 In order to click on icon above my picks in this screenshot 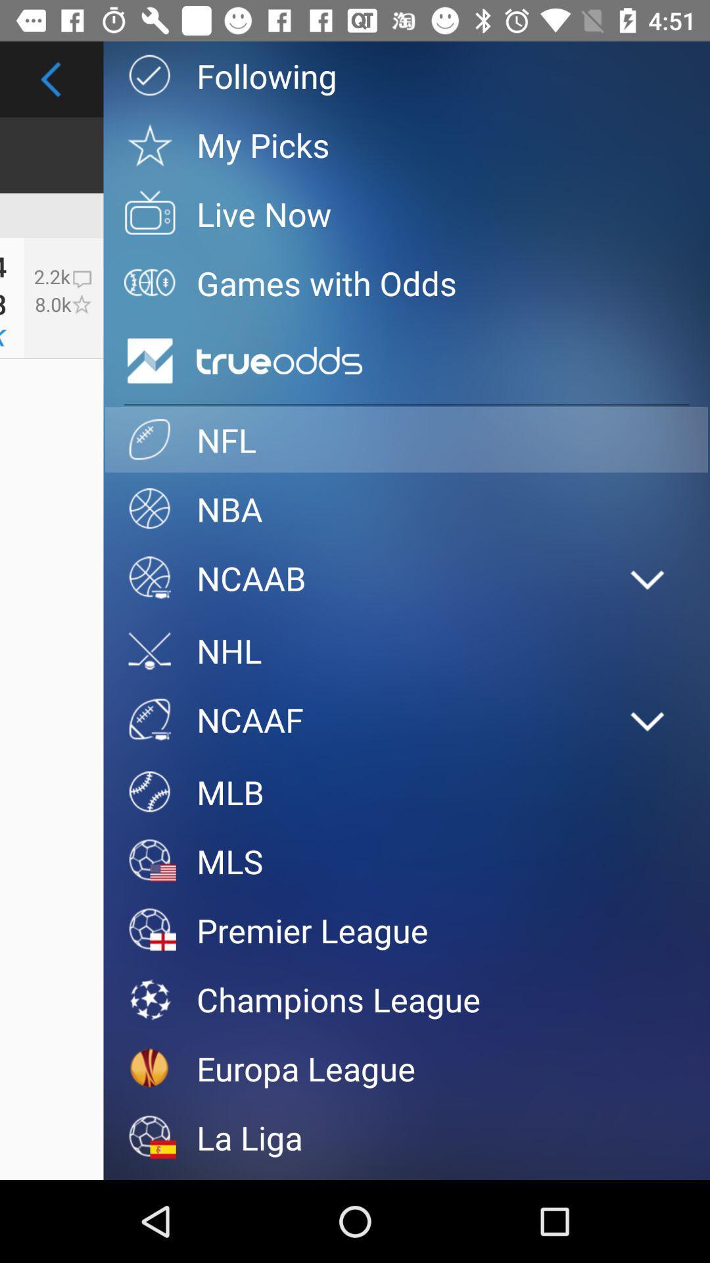, I will do `click(406, 75)`.